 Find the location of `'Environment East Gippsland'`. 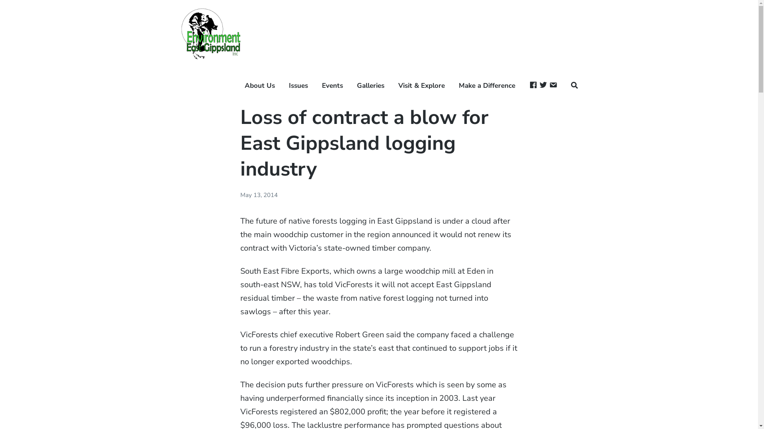

'Environment East Gippsland' is located at coordinates (181, 81).